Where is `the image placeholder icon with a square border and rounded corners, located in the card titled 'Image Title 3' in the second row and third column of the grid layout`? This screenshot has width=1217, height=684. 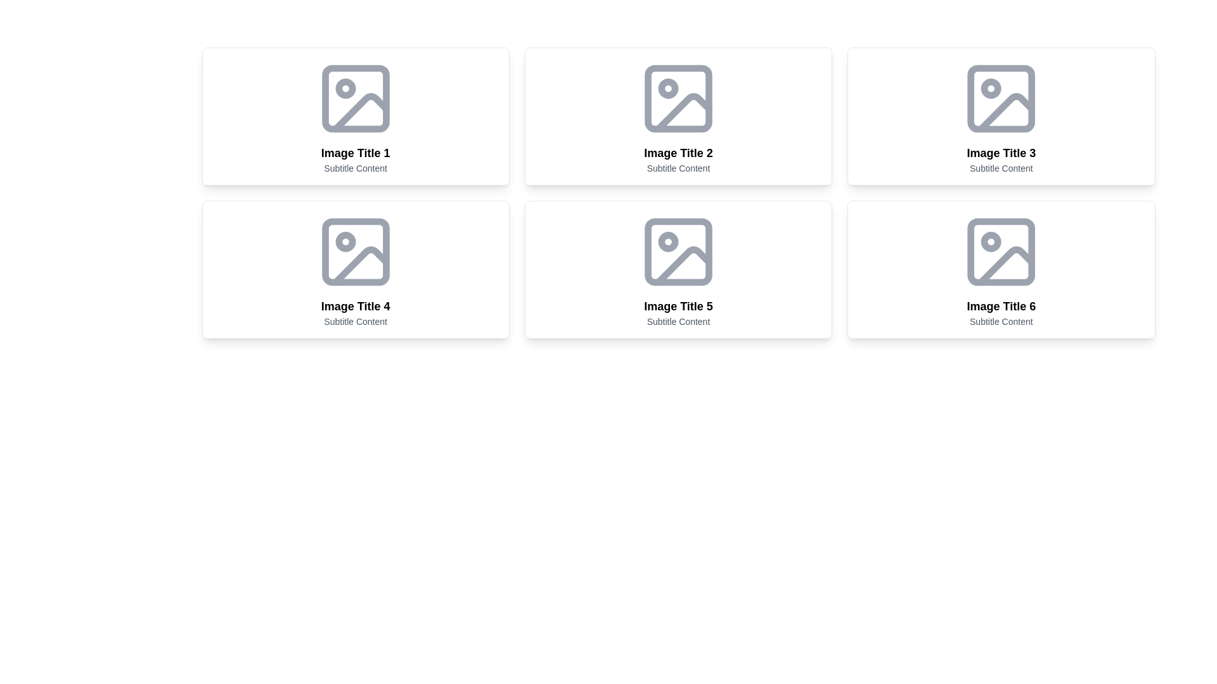 the image placeholder icon with a square border and rounded corners, located in the card titled 'Image Title 3' in the second row and third column of the grid layout is located at coordinates (1000, 98).